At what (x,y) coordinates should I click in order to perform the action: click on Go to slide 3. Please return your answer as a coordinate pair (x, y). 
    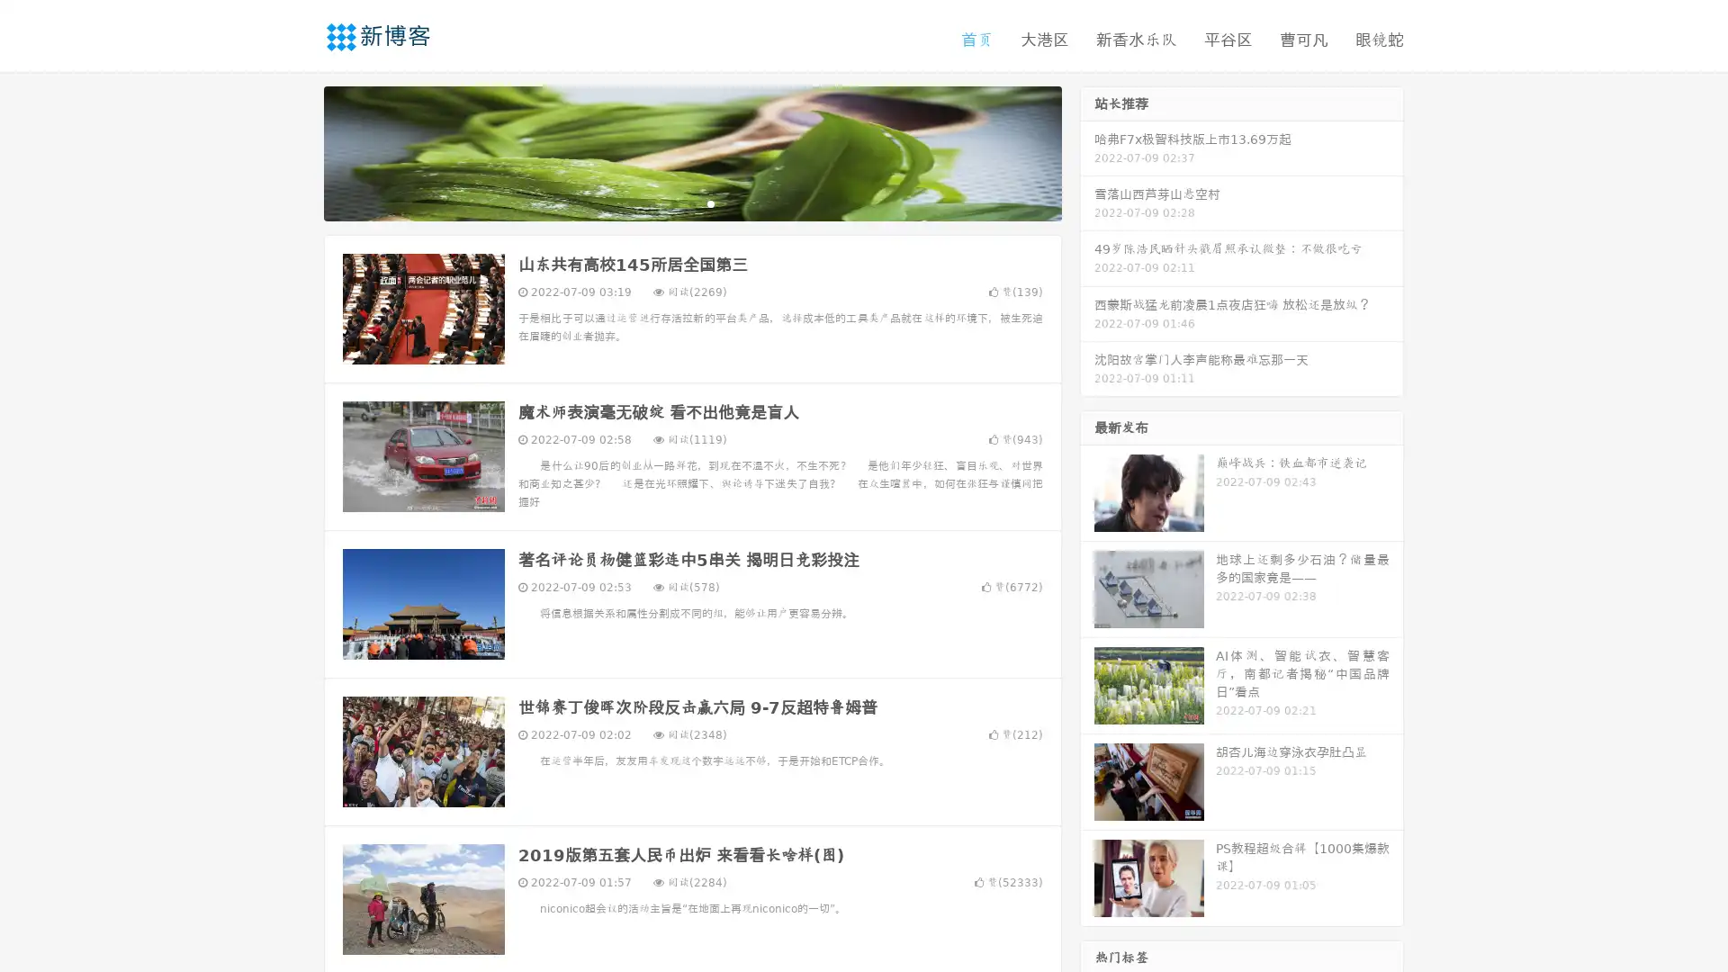
    Looking at the image, I should click on (710, 202).